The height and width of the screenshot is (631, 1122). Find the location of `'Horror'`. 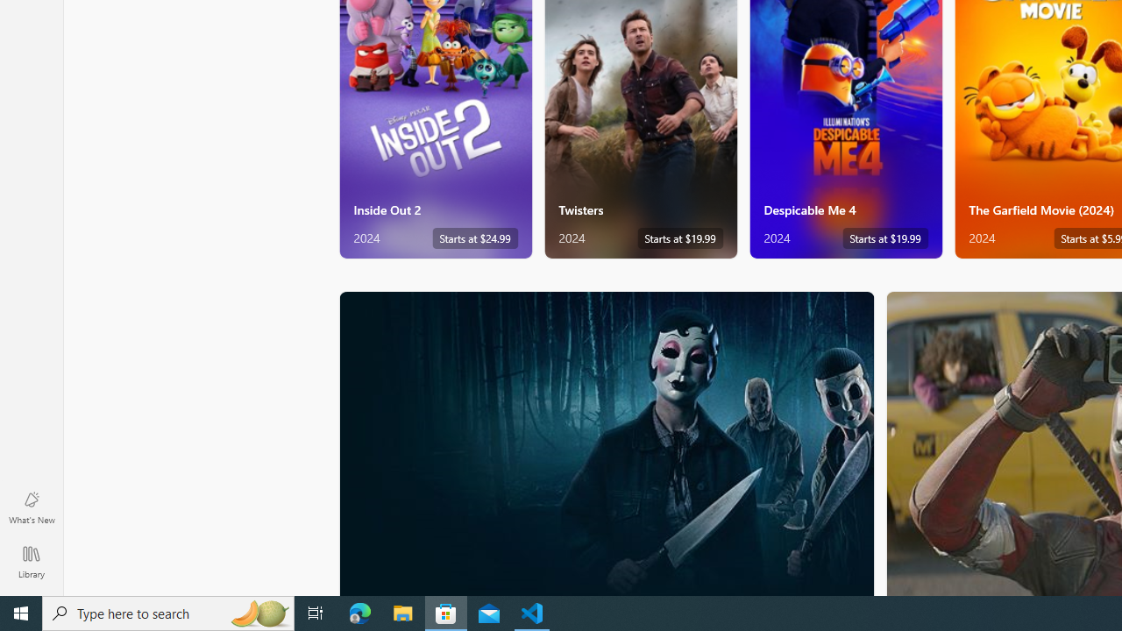

'Horror' is located at coordinates (607, 442).